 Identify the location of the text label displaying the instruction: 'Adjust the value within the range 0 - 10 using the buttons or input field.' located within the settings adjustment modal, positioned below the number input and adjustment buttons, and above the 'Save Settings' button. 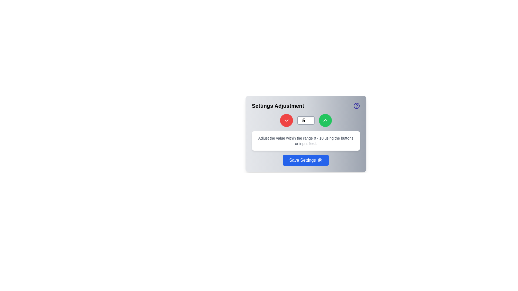
(306, 141).